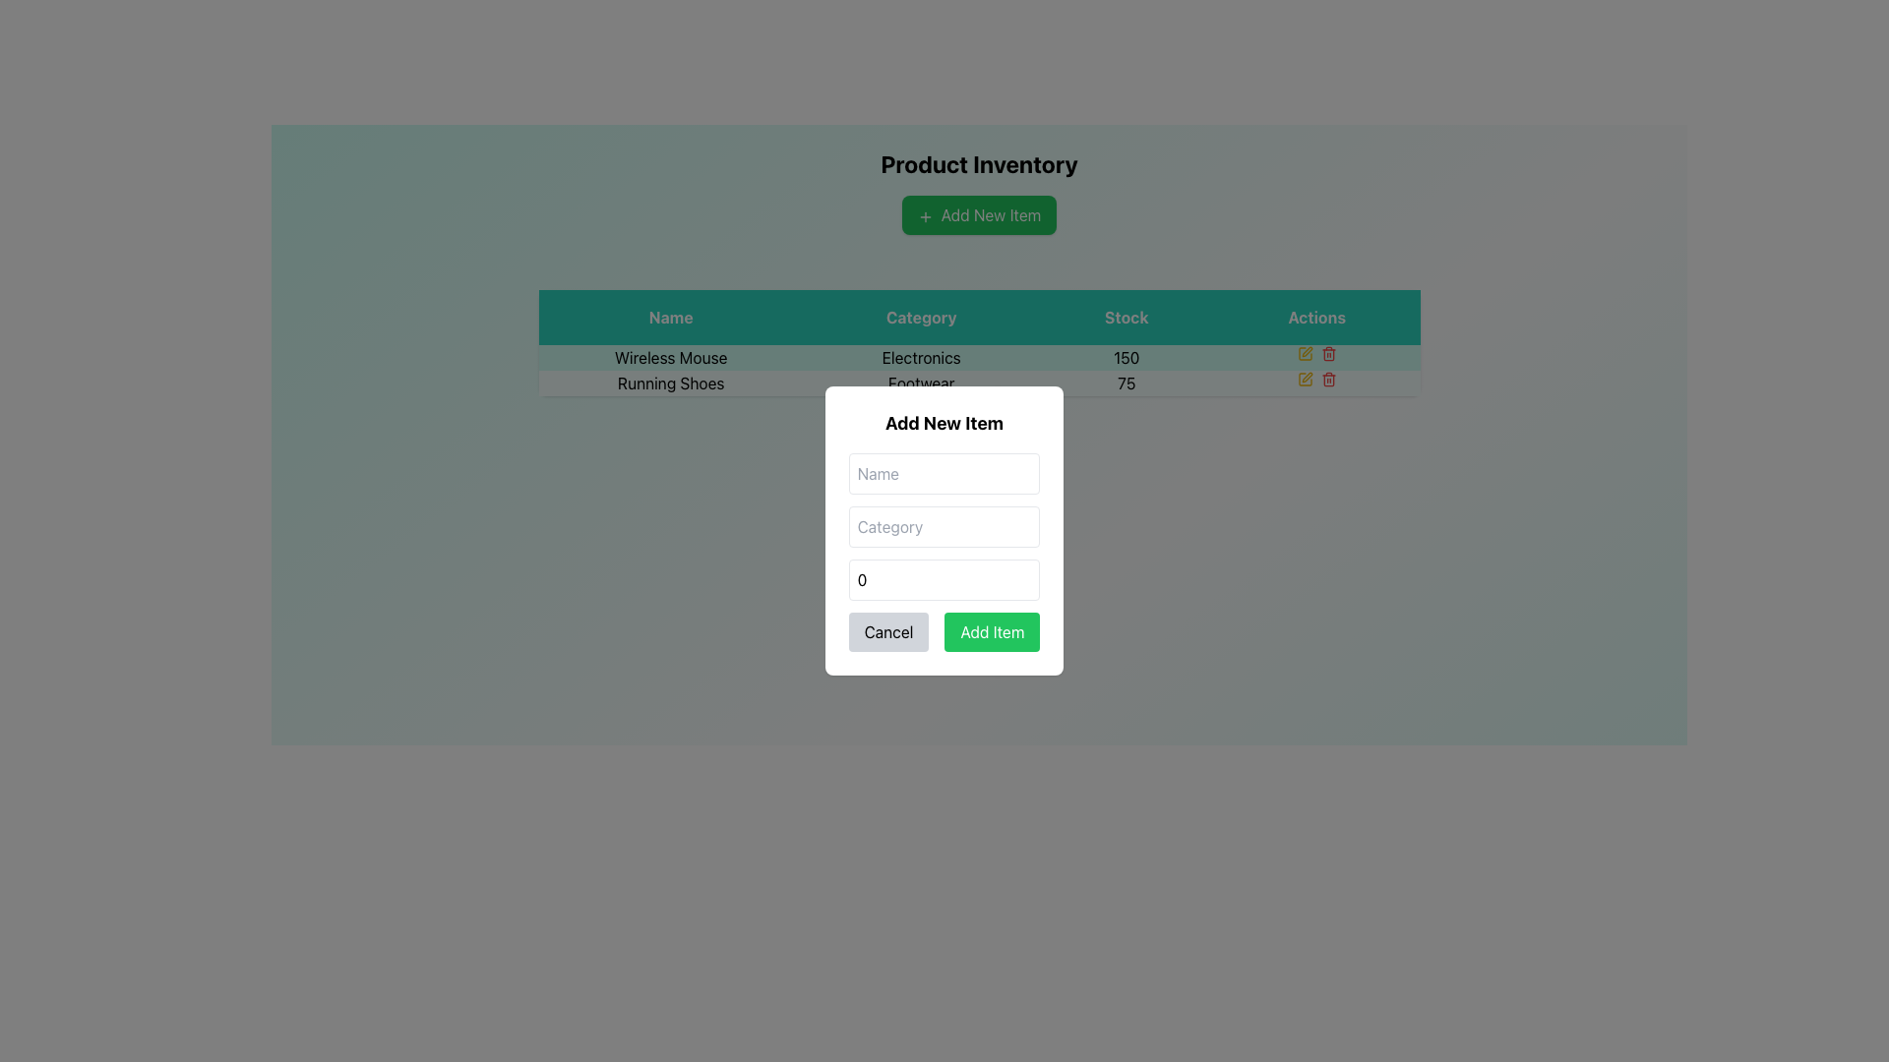 This screenshot has width=1889, height=1062. What do you see at coordinates (1127, 383) in the screenshot?
I see `the stock quantity text for 'Running Shoes' in the inventory table` at bounding box center [1127, 383].